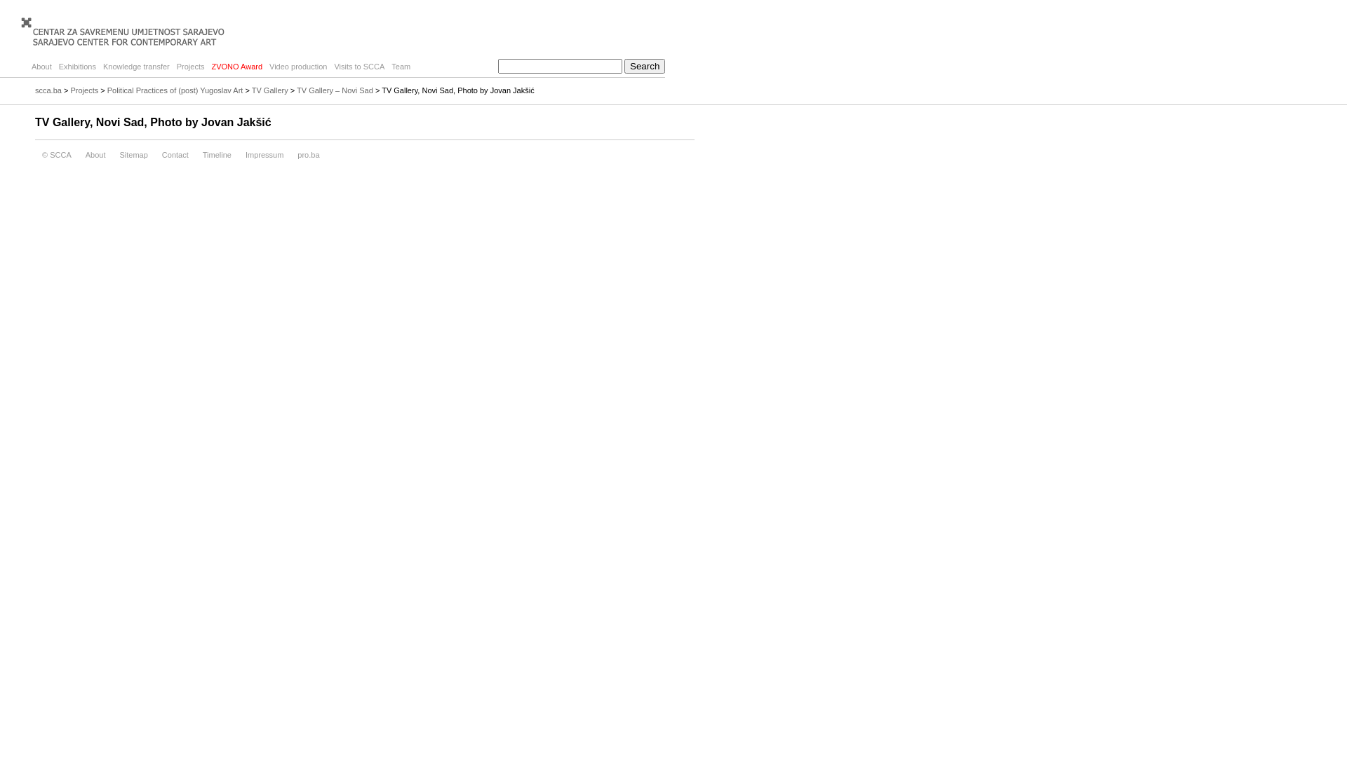 The height and width of the screenshot is (757, 1347). Describe the element at coordinates (95, 154) in the screenshot. I see `'About'` at that location.